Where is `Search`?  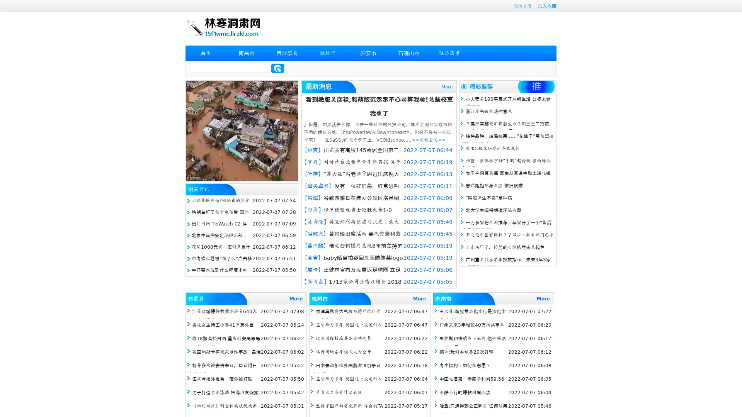 Search is located at coordinates (277, 68).